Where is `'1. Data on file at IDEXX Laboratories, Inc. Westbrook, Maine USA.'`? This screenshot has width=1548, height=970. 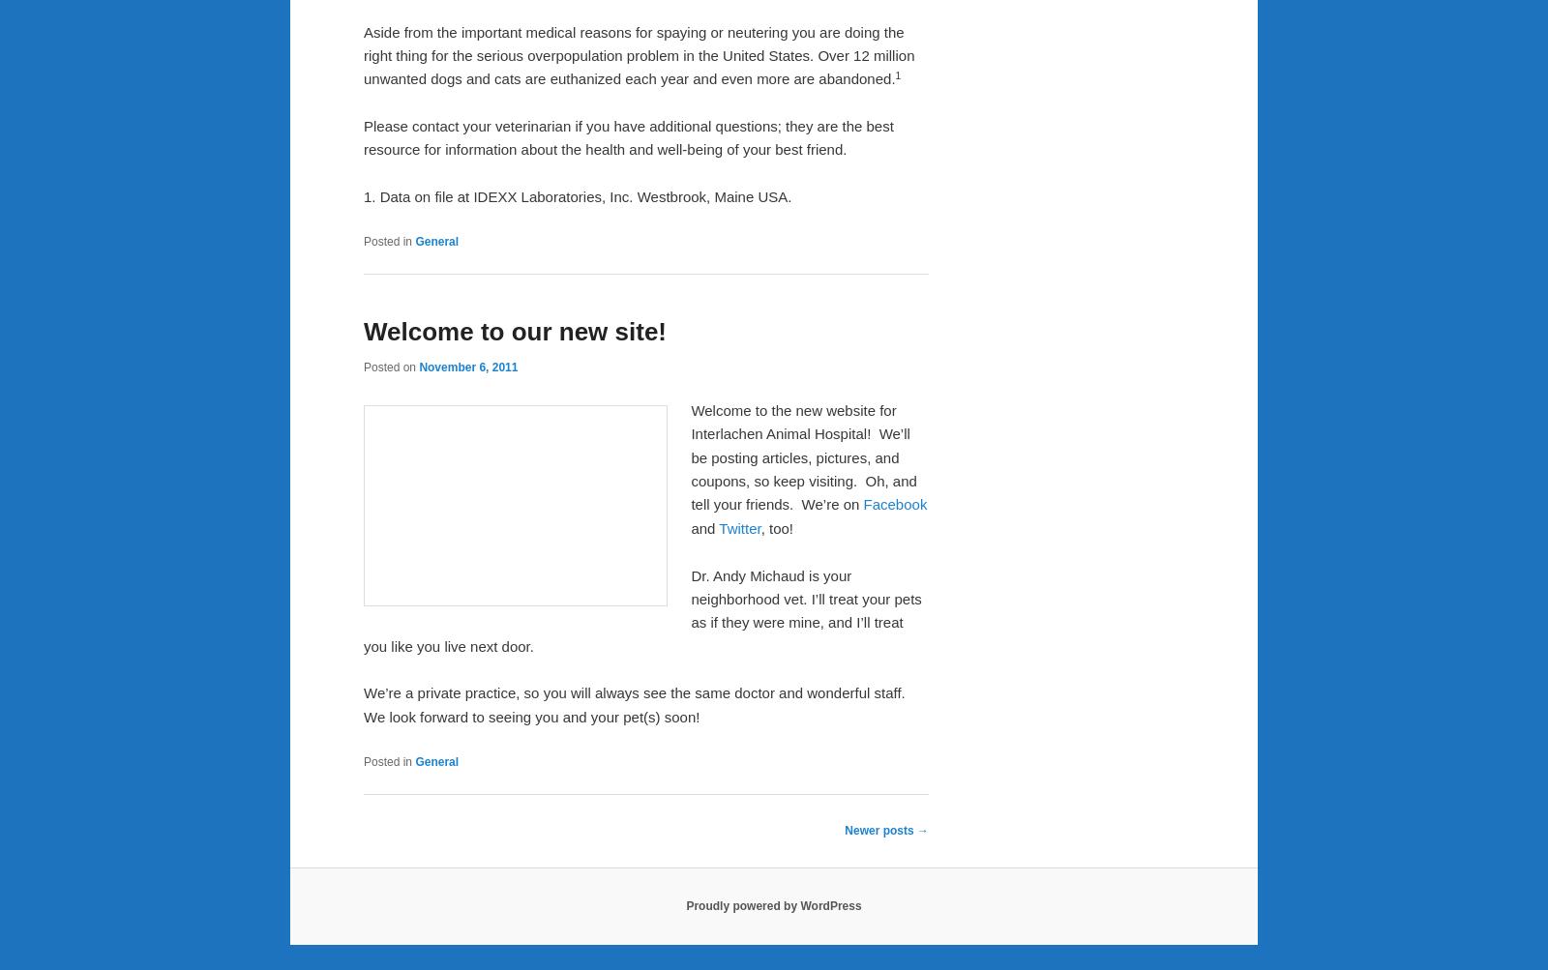
'1. Data on file at IDEXX Laboratories, Inc. Westbrook, Maine USA.' is located at coordinates (576, 196).